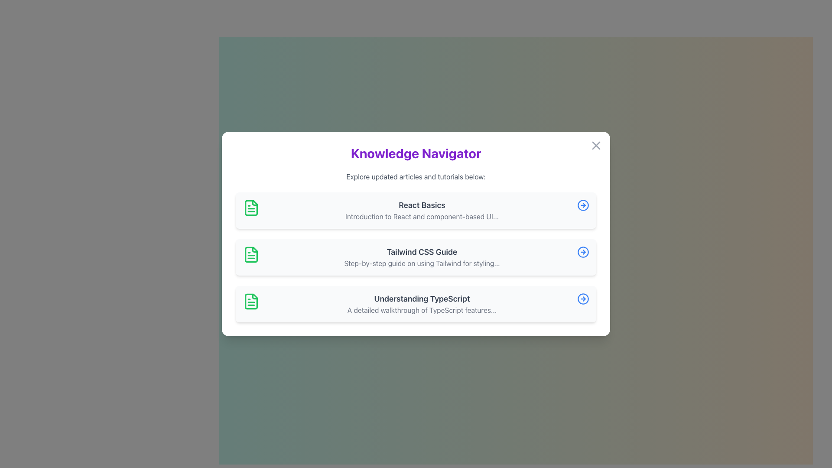 The width and height of the screenshot is (832, 468). I want to click on the document icon representing the 'Tailwind CSS Guide', located to the left of its title in a vertical list of items, so click(251, 254).